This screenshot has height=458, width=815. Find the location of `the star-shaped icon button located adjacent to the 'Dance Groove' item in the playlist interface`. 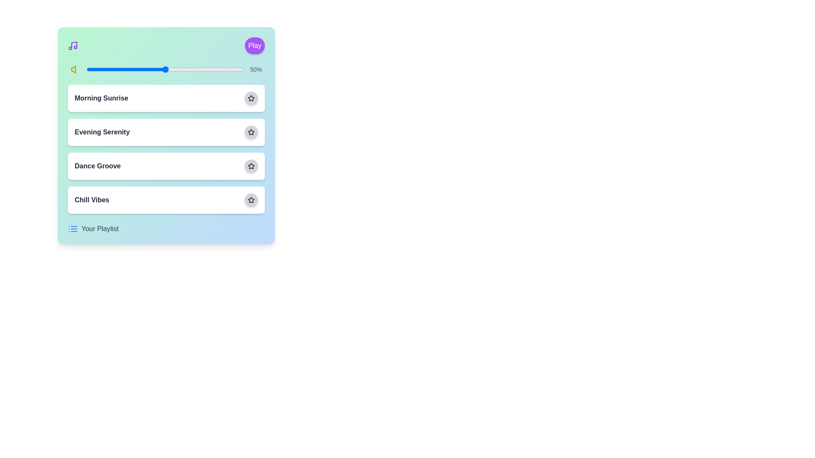

the star-shaped icon button located adjacent to the 'Dance Groove' item in the playlist interface is located at coordinates (250, 166).